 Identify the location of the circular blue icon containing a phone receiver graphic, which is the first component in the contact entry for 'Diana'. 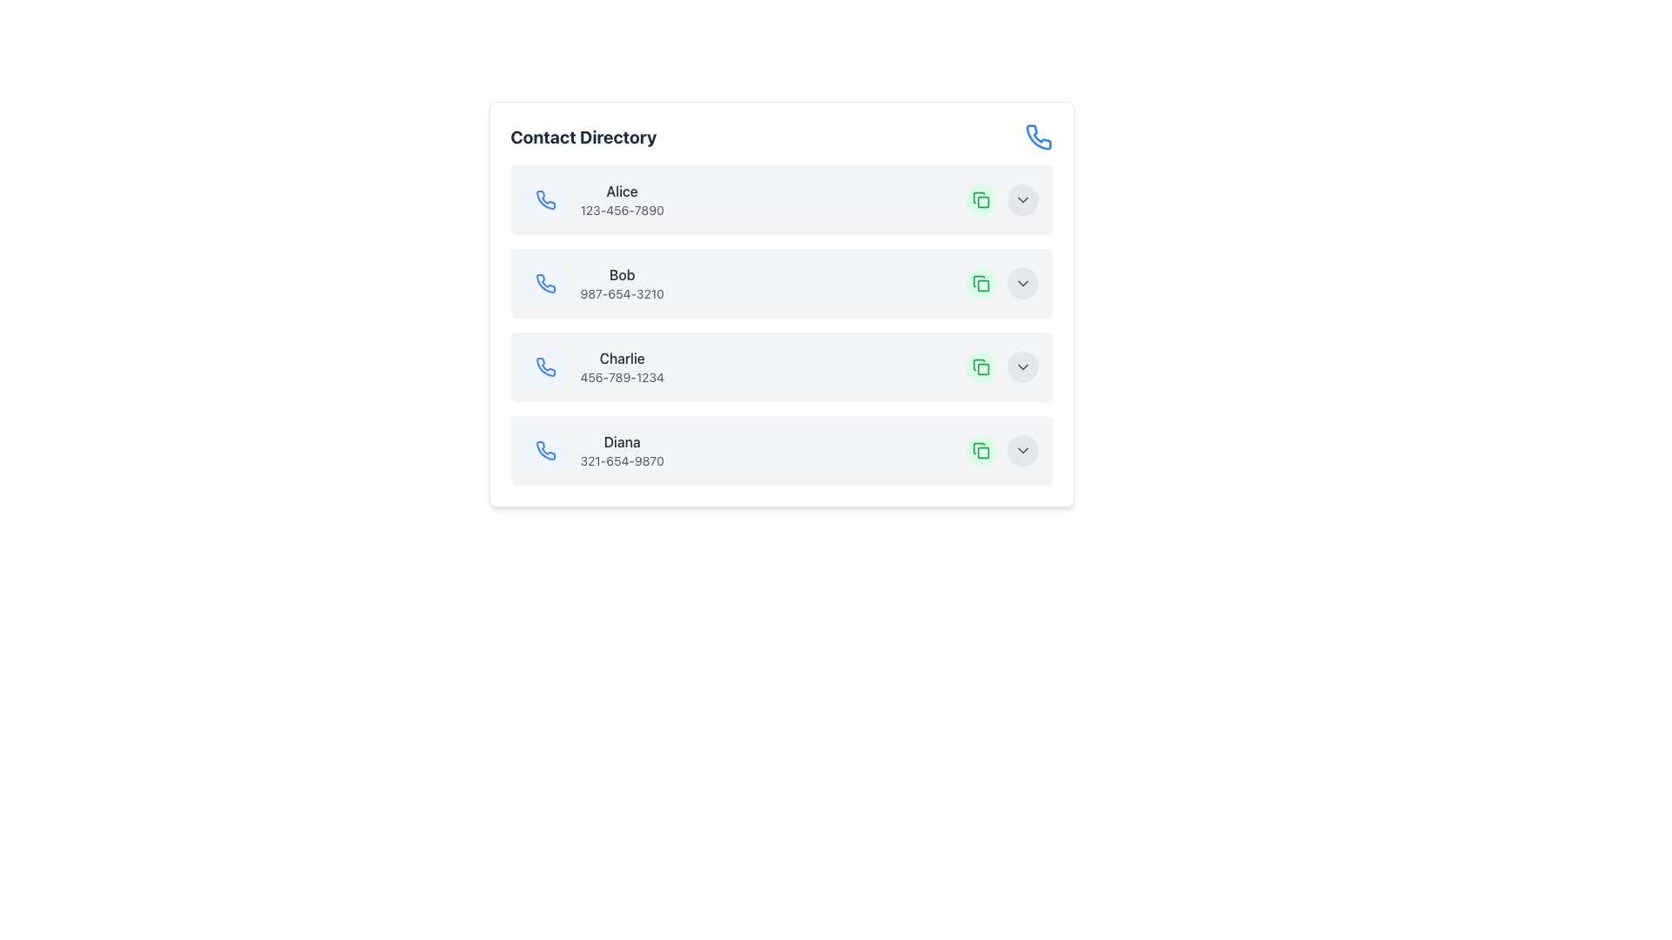
(544, 449).